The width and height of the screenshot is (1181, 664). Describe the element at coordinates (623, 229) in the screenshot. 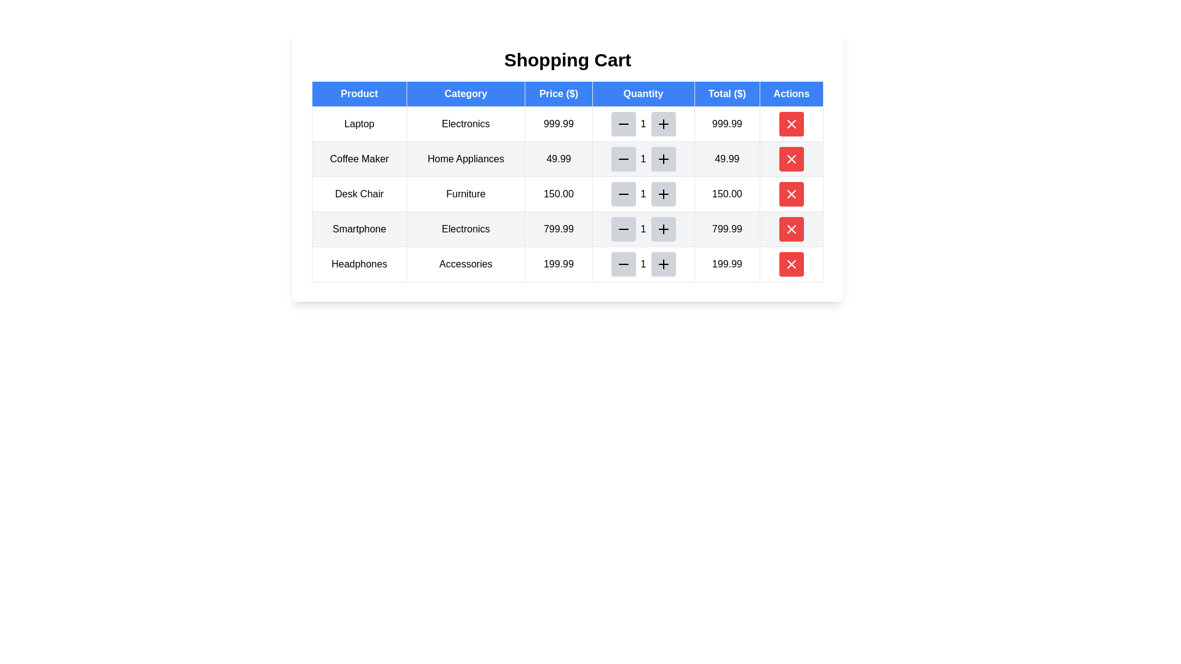

I see `the minus icon in the 'Quantity' section of the 'Smartphone' row within the shopping cart table to reduce the quantity` at that location.